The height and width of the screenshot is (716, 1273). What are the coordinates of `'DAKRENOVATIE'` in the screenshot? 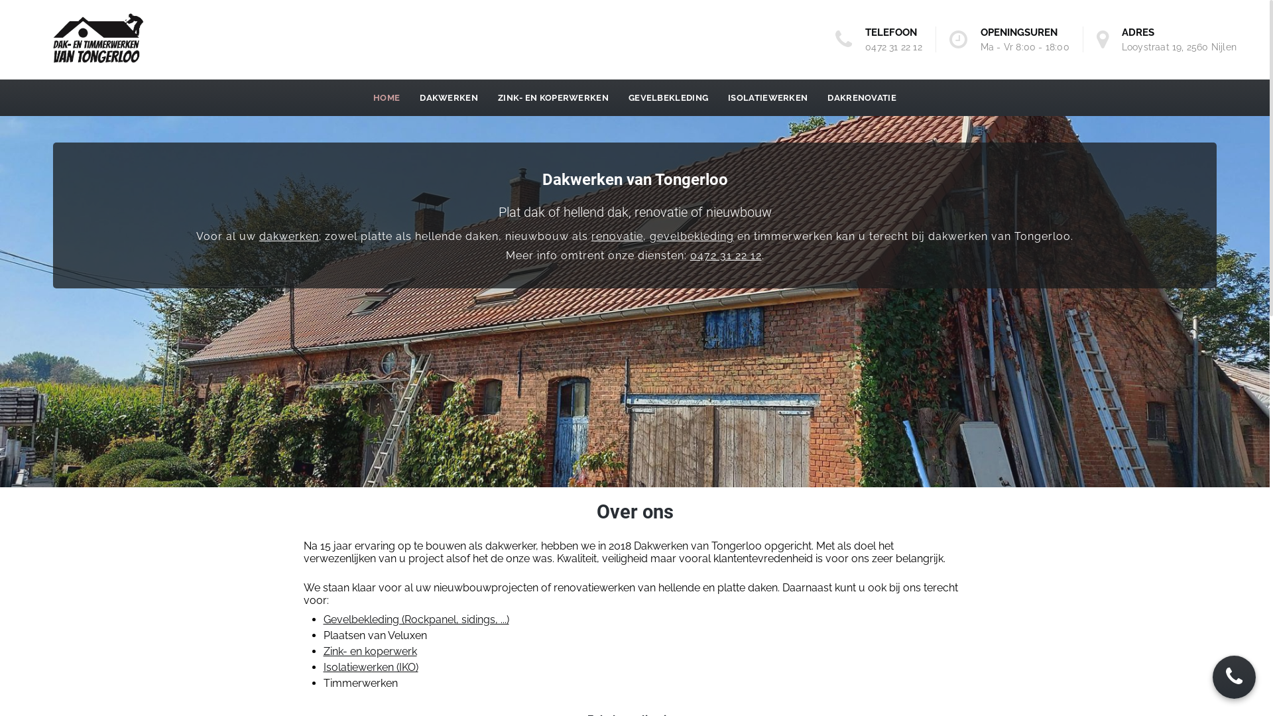 It's located at (862, 97).